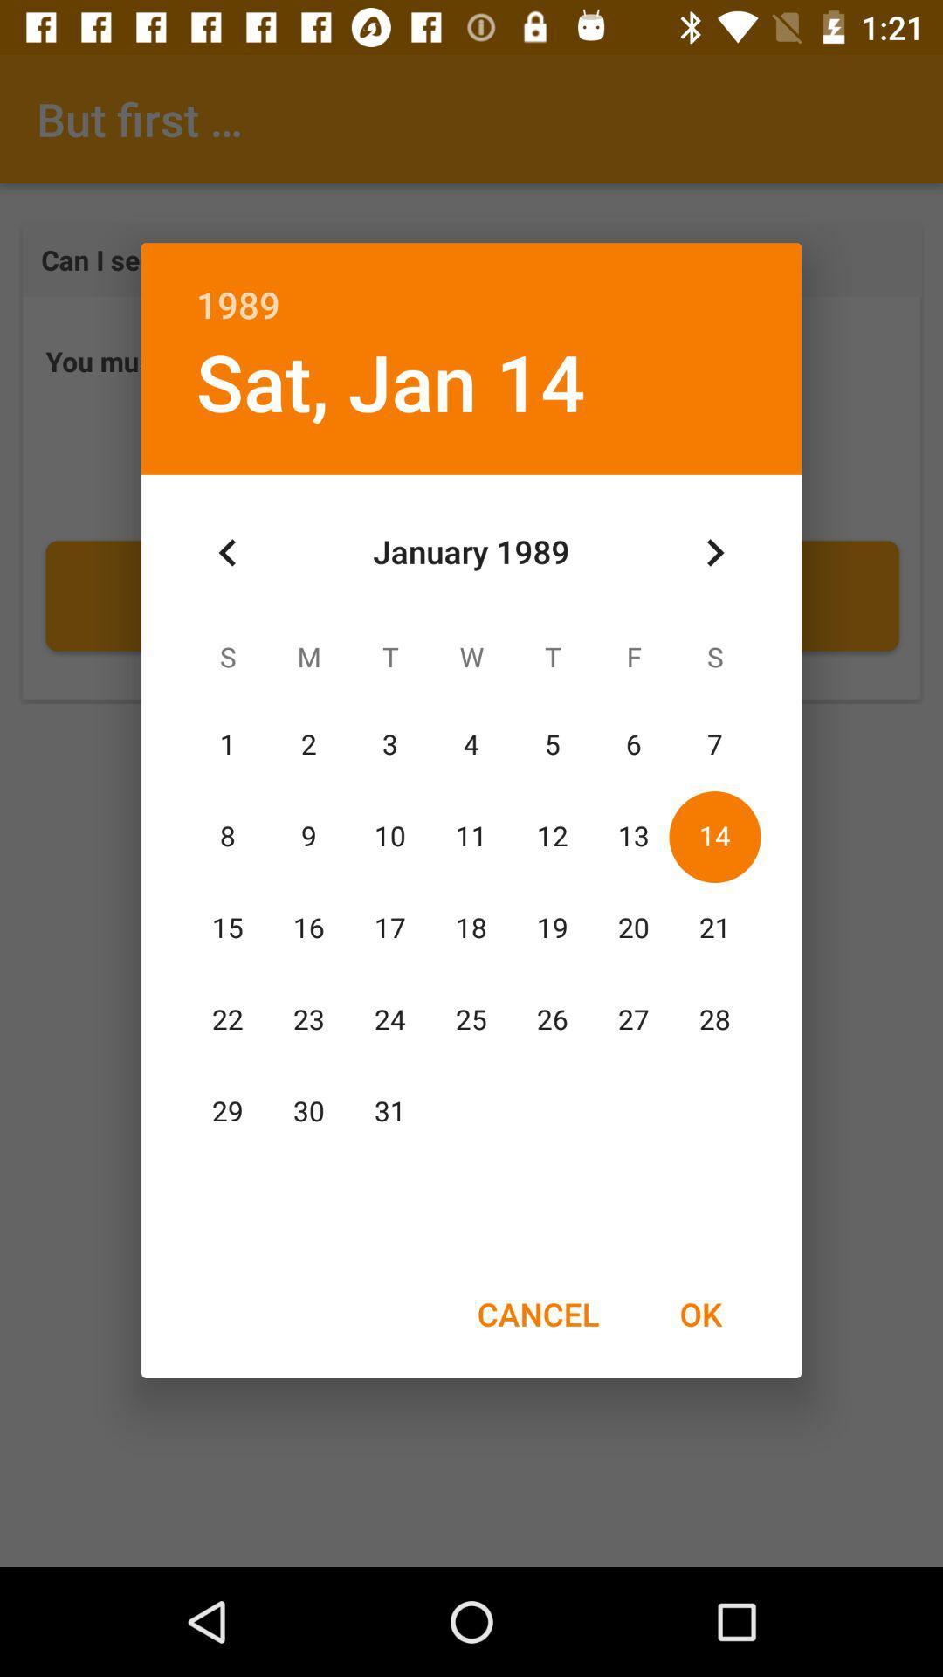 This screenshot has width=943, height=1677. Describe the element at coordinates (227, 552) in the screenshot. I see `item at the top left corner` at that location.